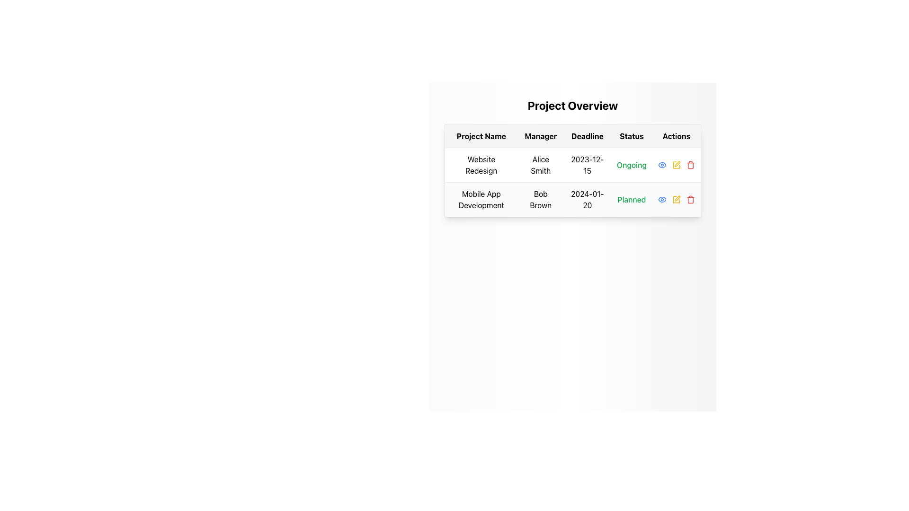 The height and width of the screenshot is (511, 909). I want to click on the second table row that presents the project details for 'Mobile App Development', including manager Bob Brown, deadline 2024-01-20, and status Planned, so click(572, 199).